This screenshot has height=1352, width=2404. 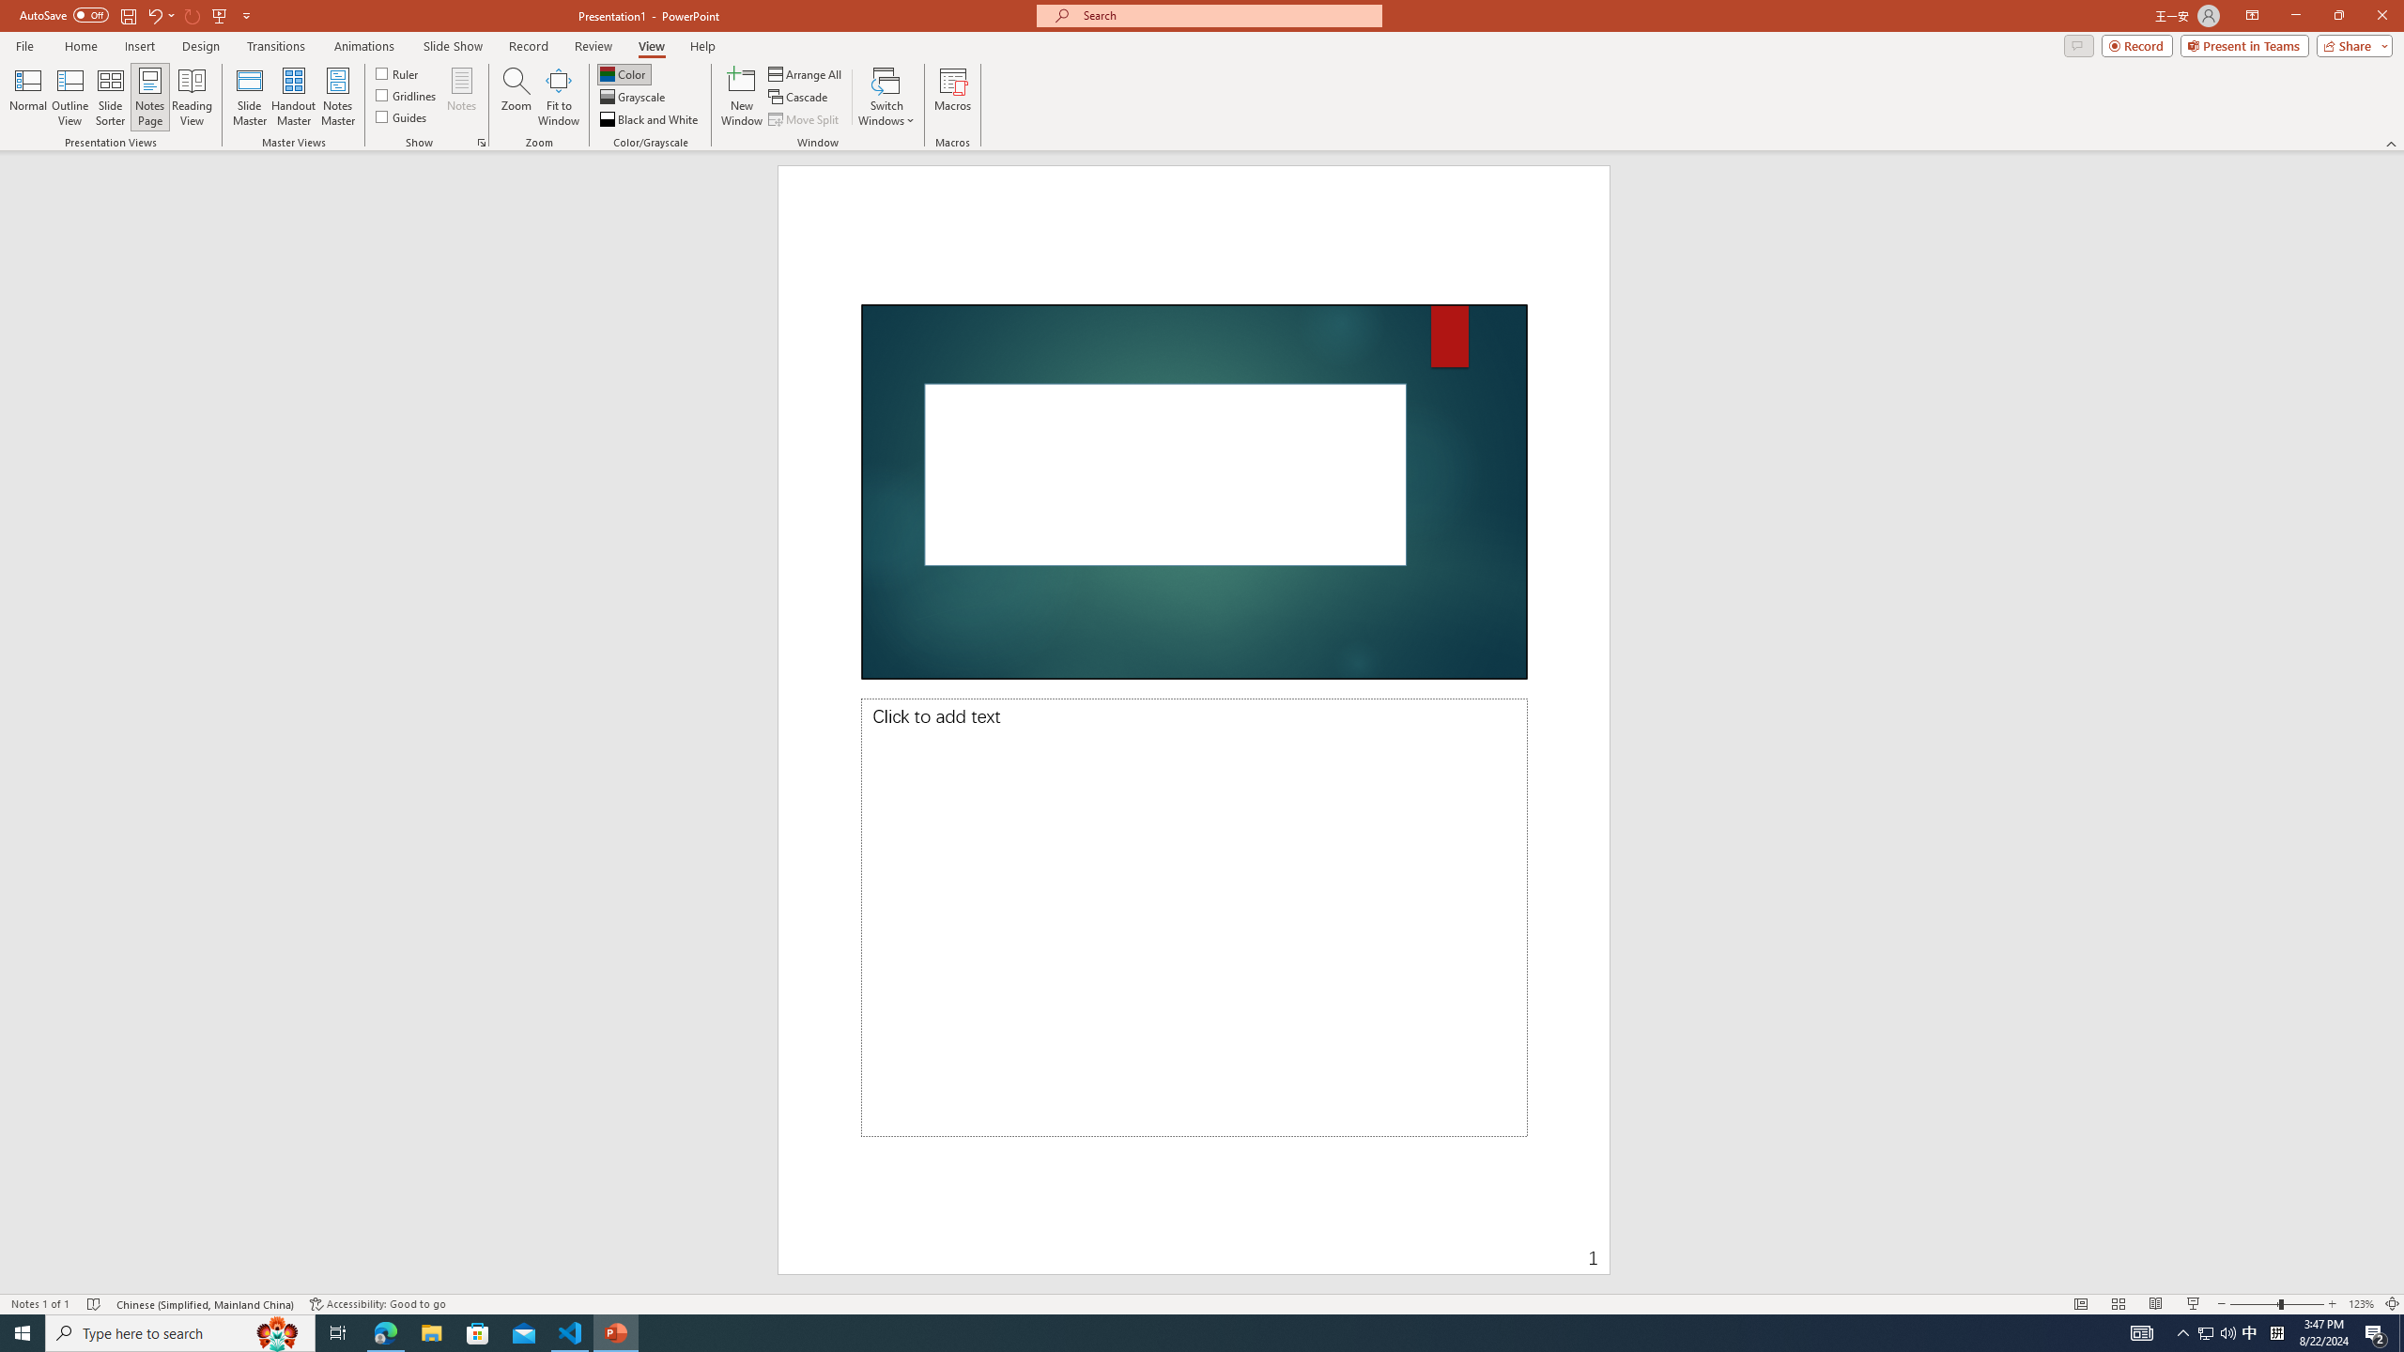 What do you see at coordinates (249, 97) in the screenshot?
I see `'Slide Master'` at bounding box center [249, 97].